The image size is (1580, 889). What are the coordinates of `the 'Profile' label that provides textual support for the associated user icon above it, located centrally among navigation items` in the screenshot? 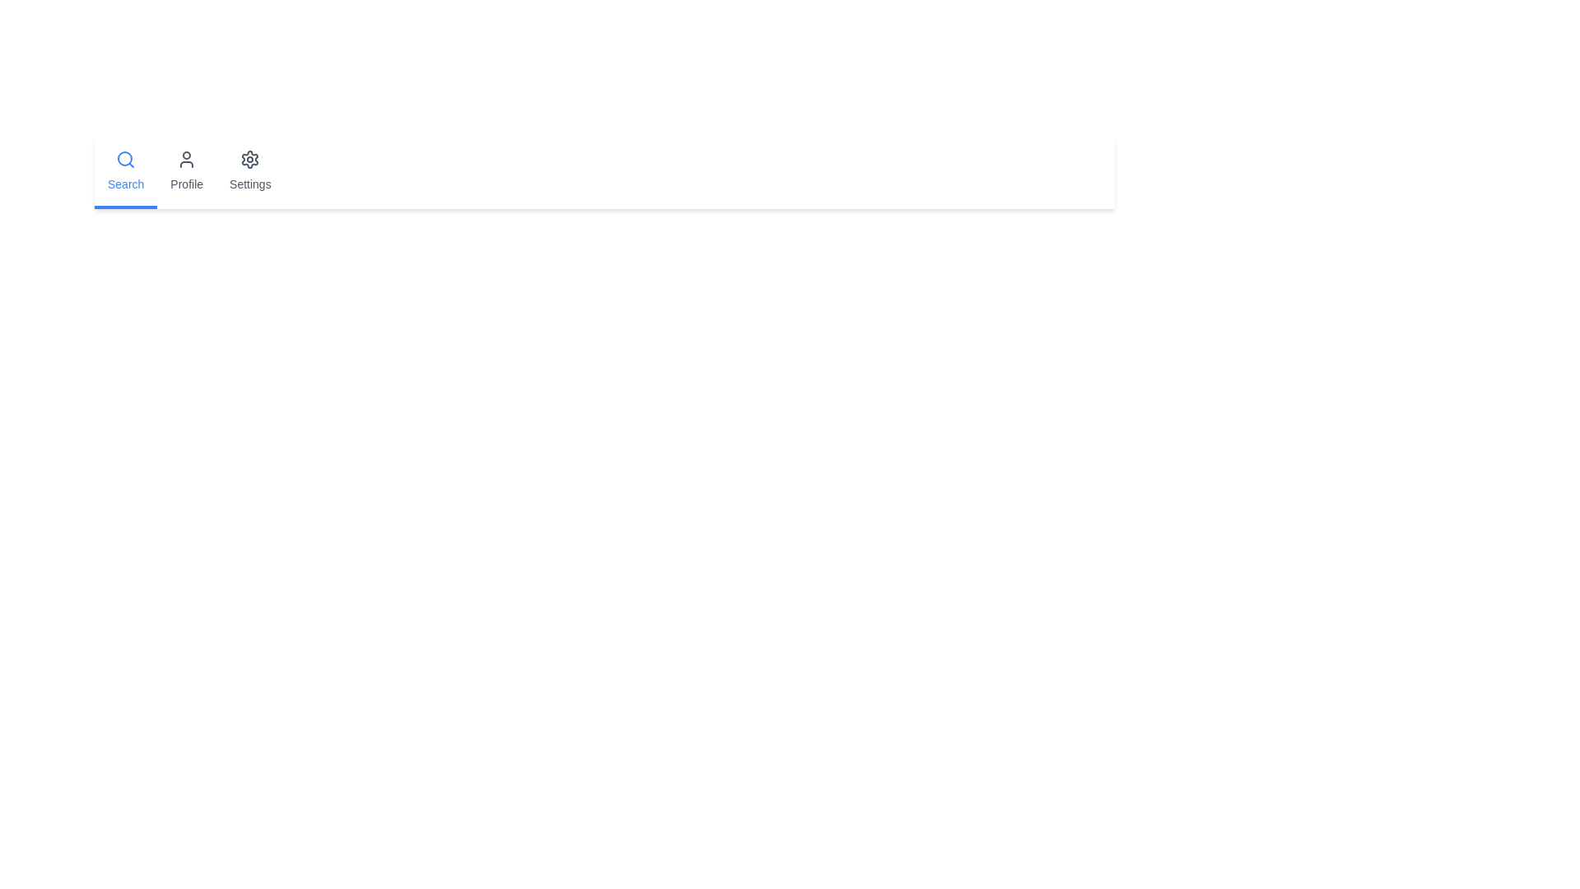 It's located at (187, 184).